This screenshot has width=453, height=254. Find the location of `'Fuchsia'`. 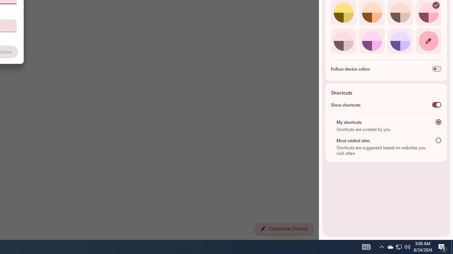

'Fuchsia' is located at coordinates (371, 41).